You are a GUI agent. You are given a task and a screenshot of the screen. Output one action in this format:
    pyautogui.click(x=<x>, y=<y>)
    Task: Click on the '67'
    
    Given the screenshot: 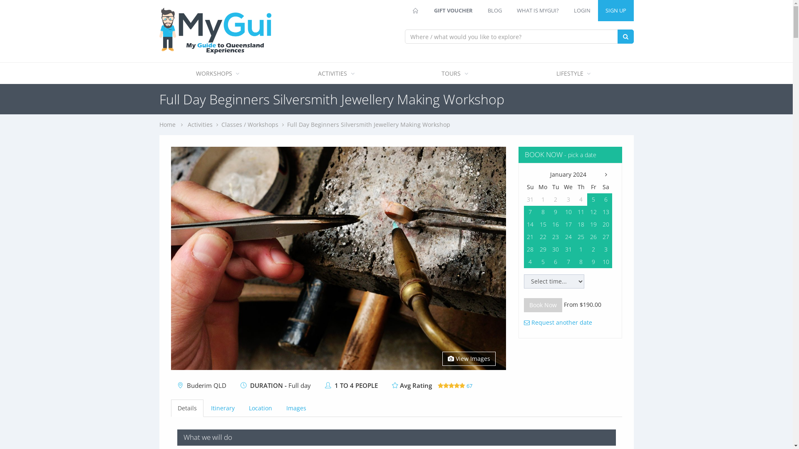 What is the action you would take?
    pyautogui.click(x=454, y=385)
    